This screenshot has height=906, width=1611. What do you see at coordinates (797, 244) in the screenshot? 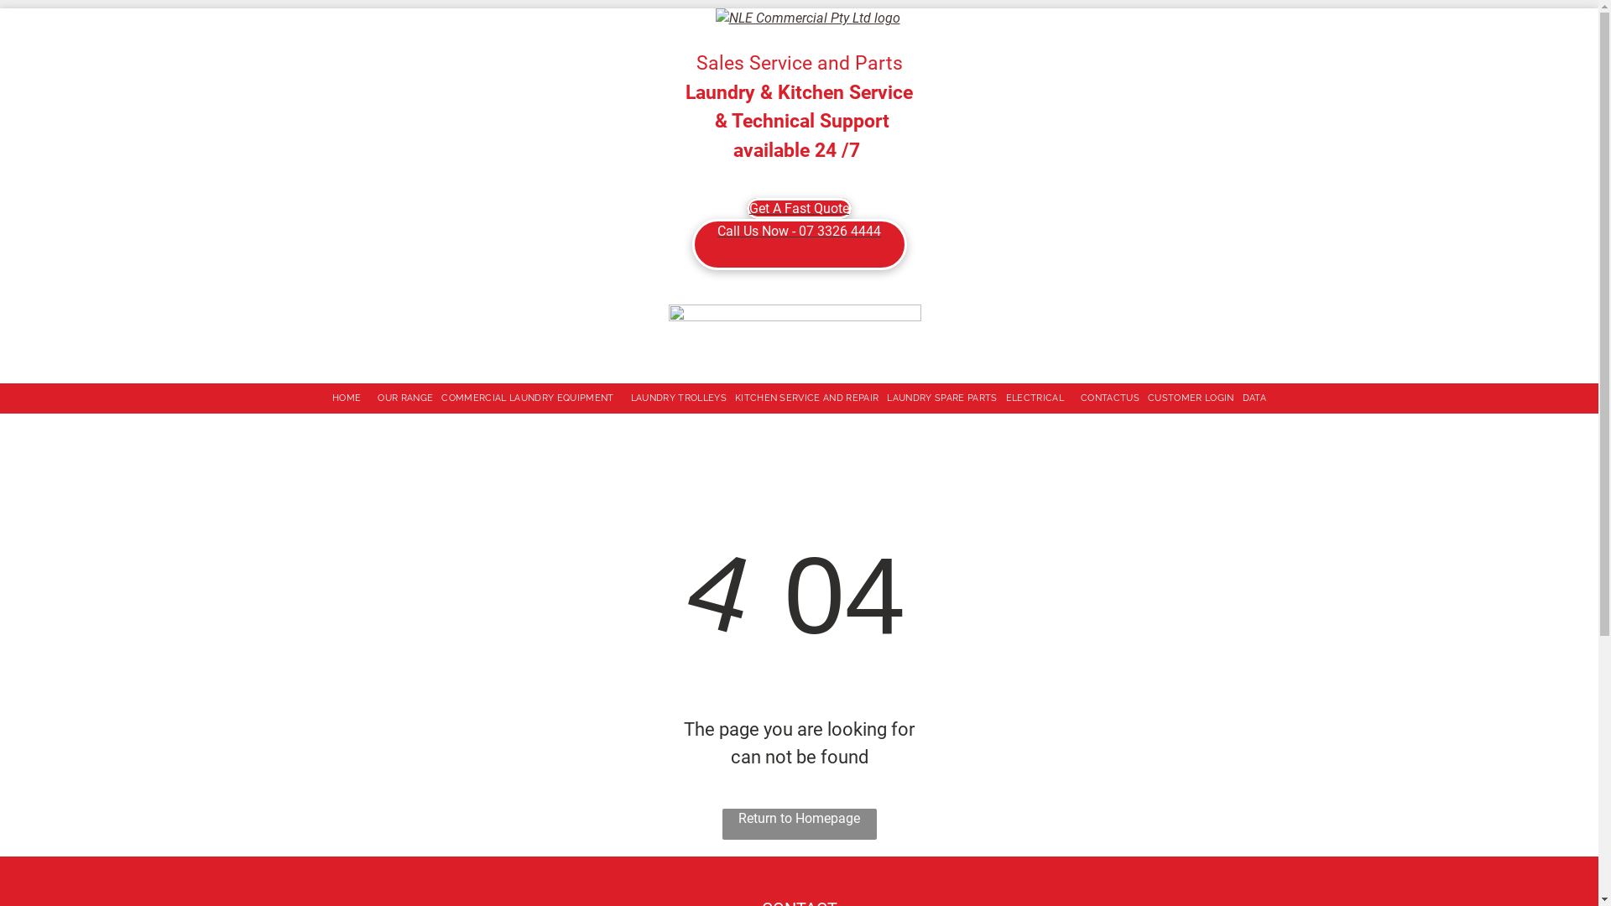
I see `'Call Us Now - 07 3326 4444'` at bounding box center [797, 244].